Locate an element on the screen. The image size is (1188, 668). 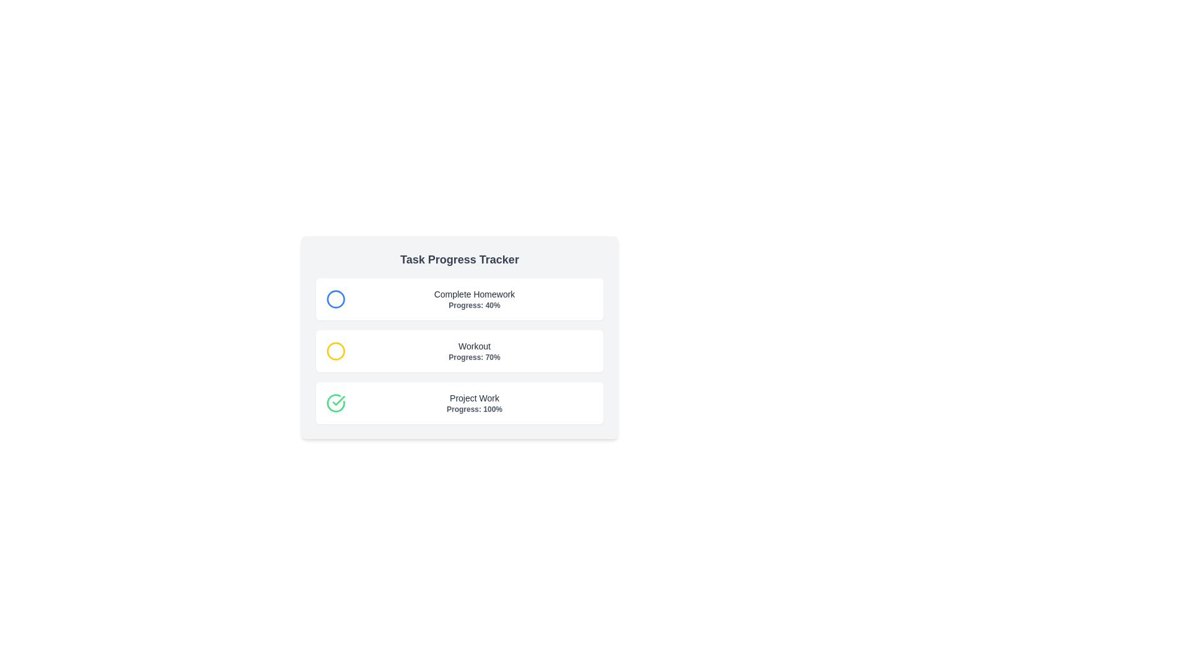
the 'Workout' progress tracking item, which displays a circular icon with a yellow border and the progress text 'Progress: 70%' is located at coordinates (459, 351).